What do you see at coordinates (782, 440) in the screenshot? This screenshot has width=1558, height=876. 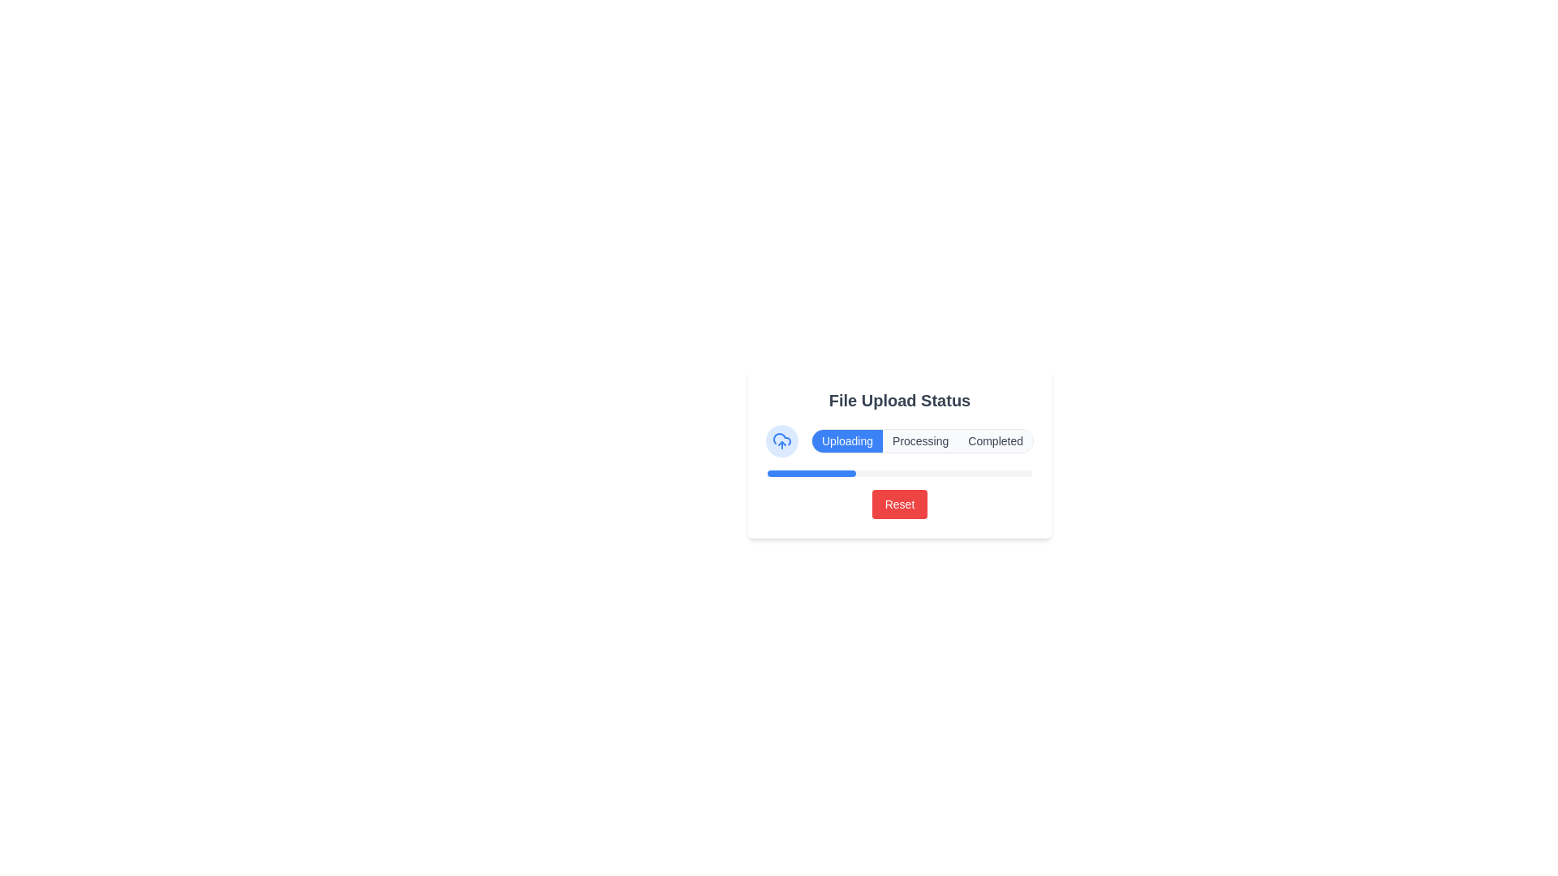 I see `the round-shaped icon with a light blue background and cloud upload symbol, located within the 'File Upload Status' layout, positioned to the left of the buttons 'Uploading', 'Processing', and 'Completed'` at bounding box center [782, 440].